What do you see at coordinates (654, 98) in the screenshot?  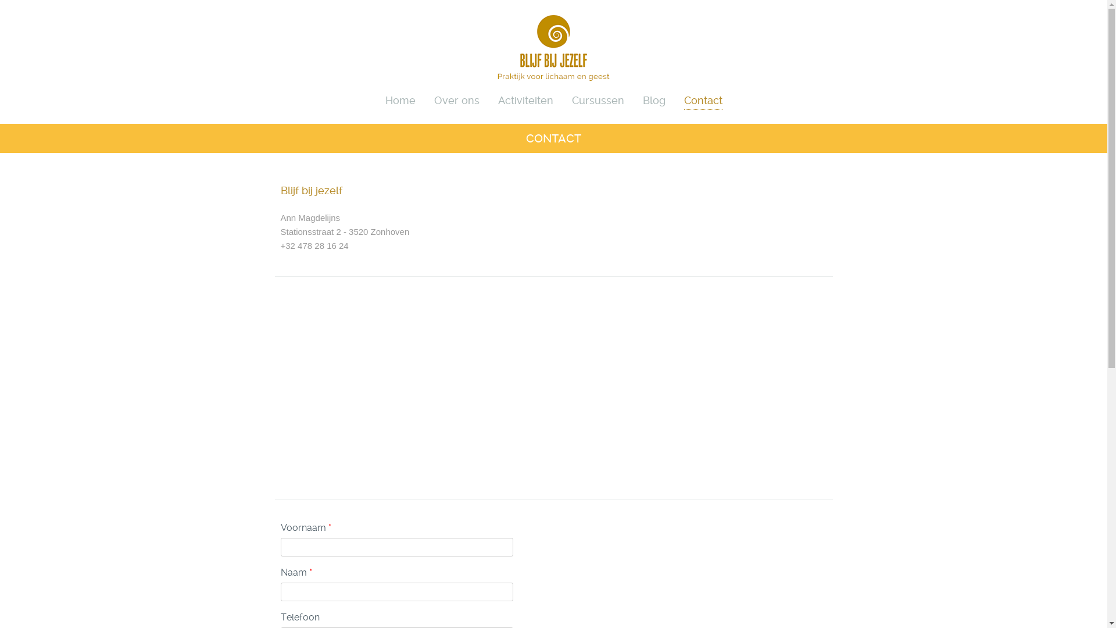 I see `'Blog'` at bounding box center [654, 98].